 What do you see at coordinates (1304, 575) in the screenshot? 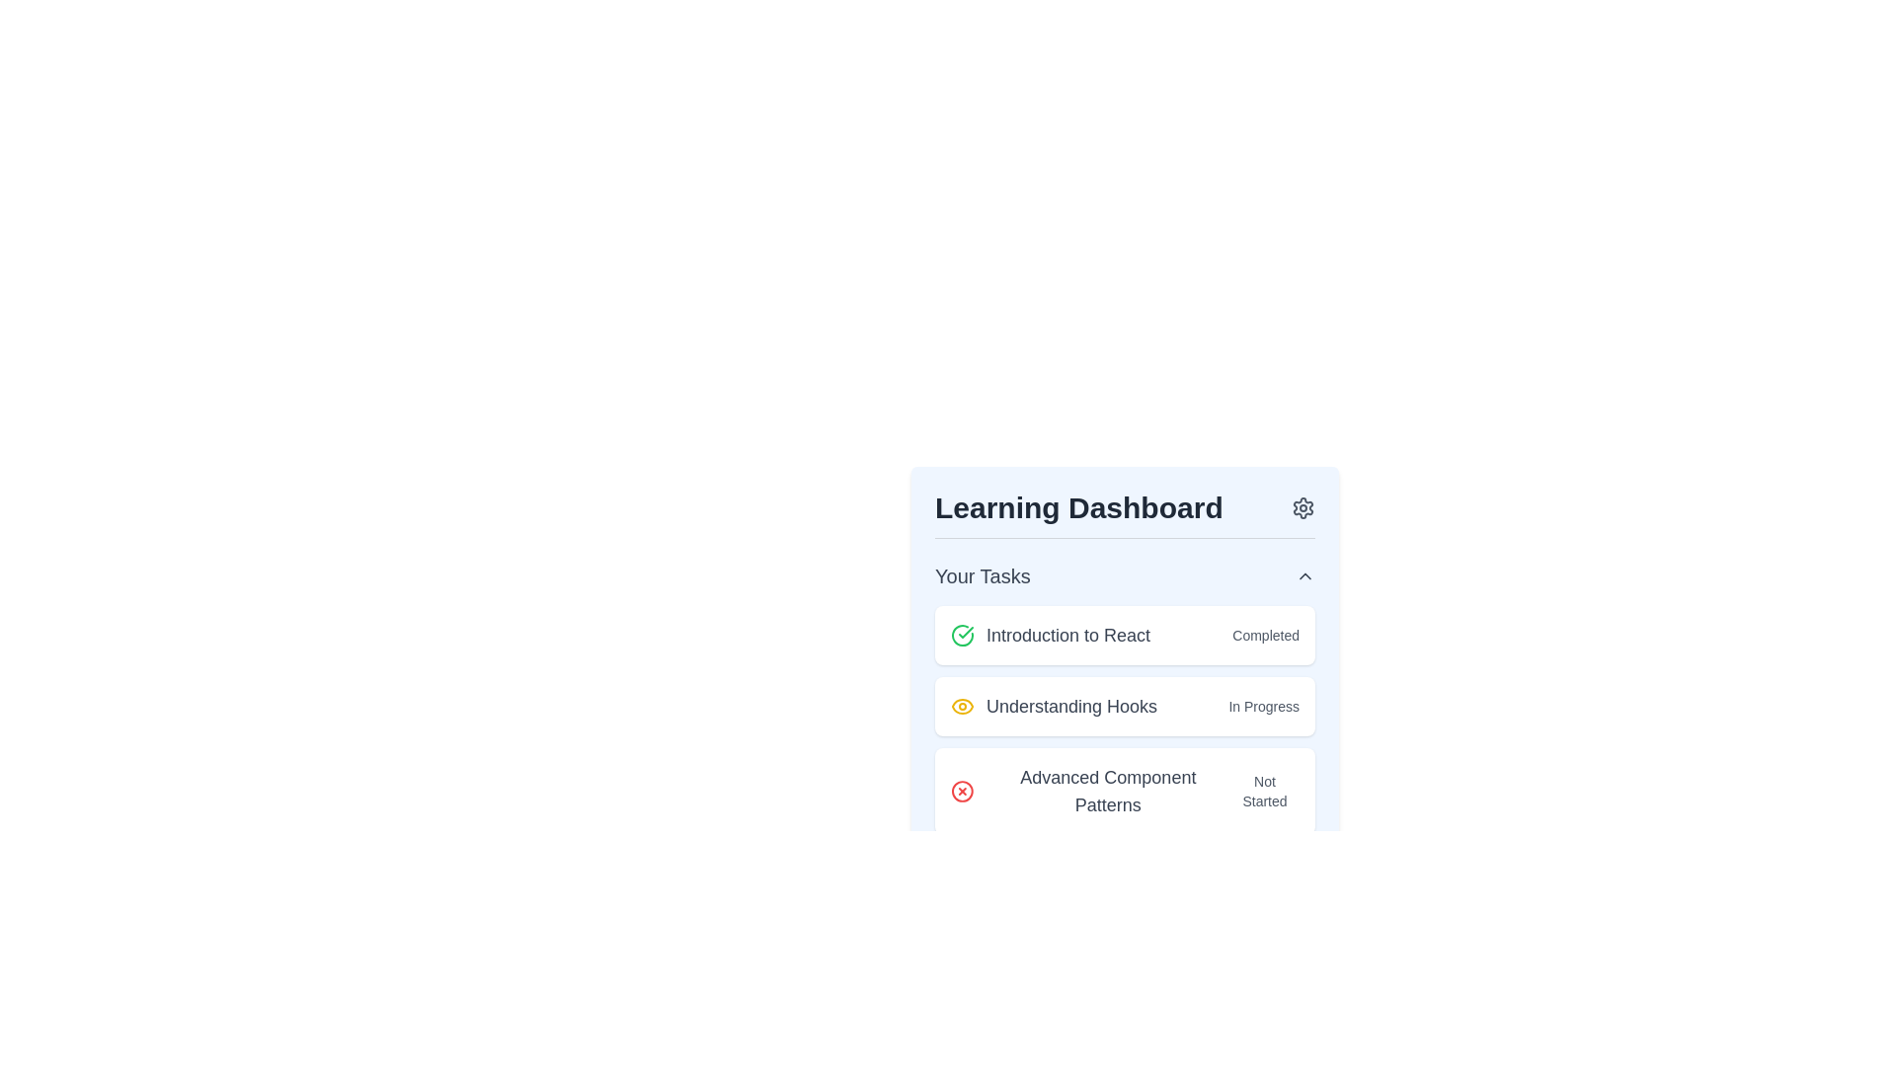
I see `the chevron-up icon` at bounding box center [1304, 575].